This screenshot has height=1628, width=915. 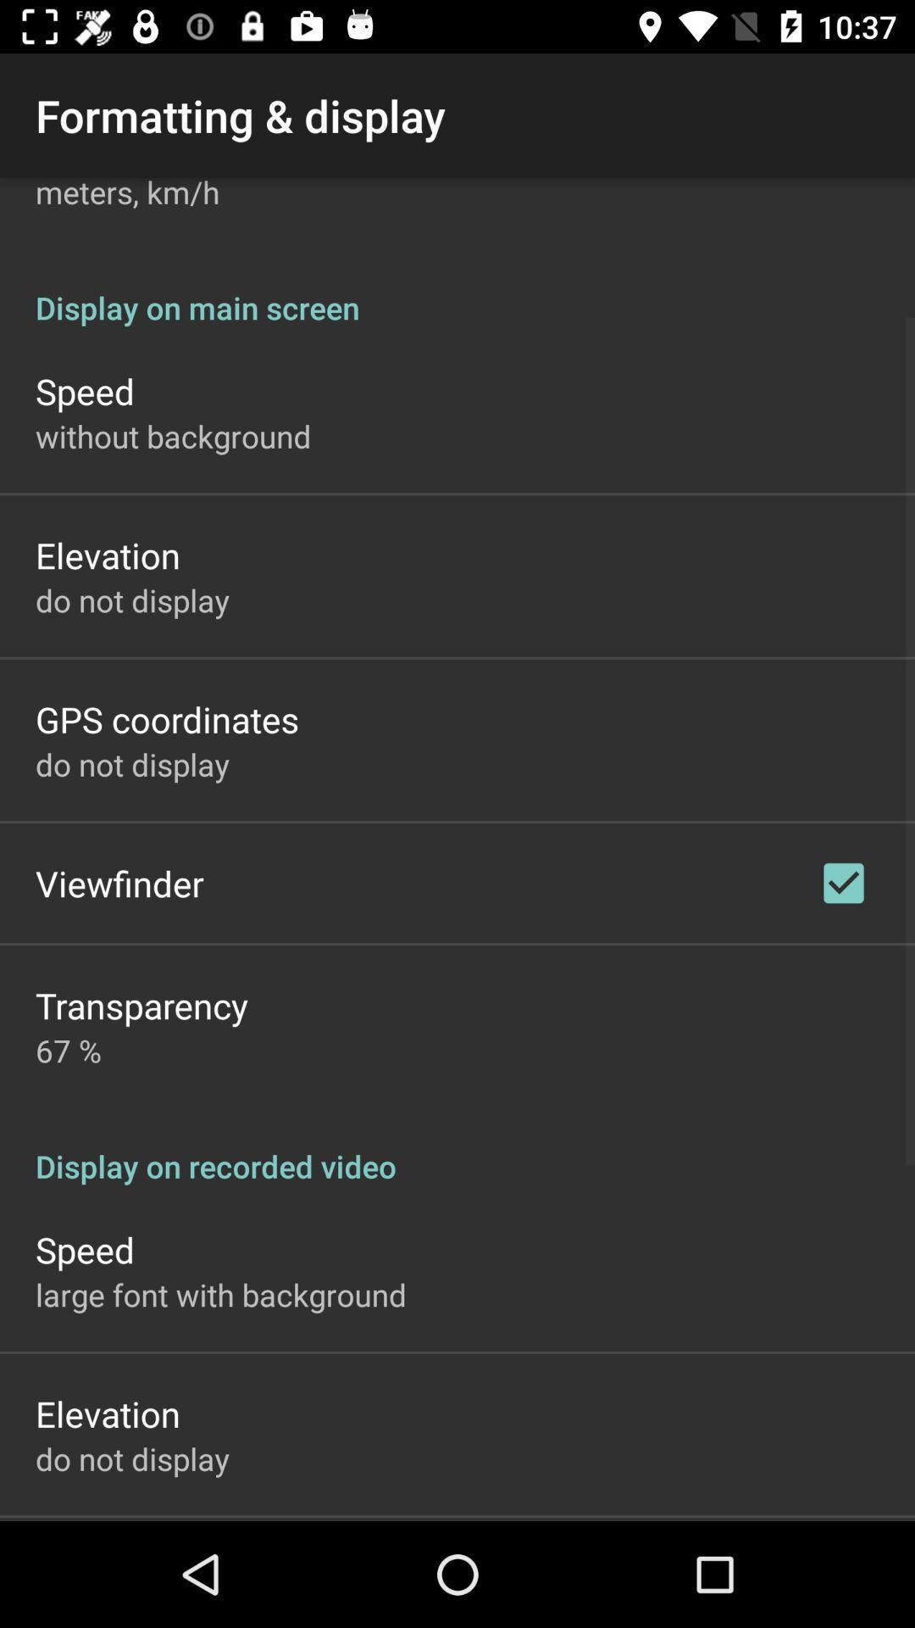 What do you see at coordinates (843, 882) in the screenshot?
I see `item next to viewfinder item` at bounding box center [843, 882].